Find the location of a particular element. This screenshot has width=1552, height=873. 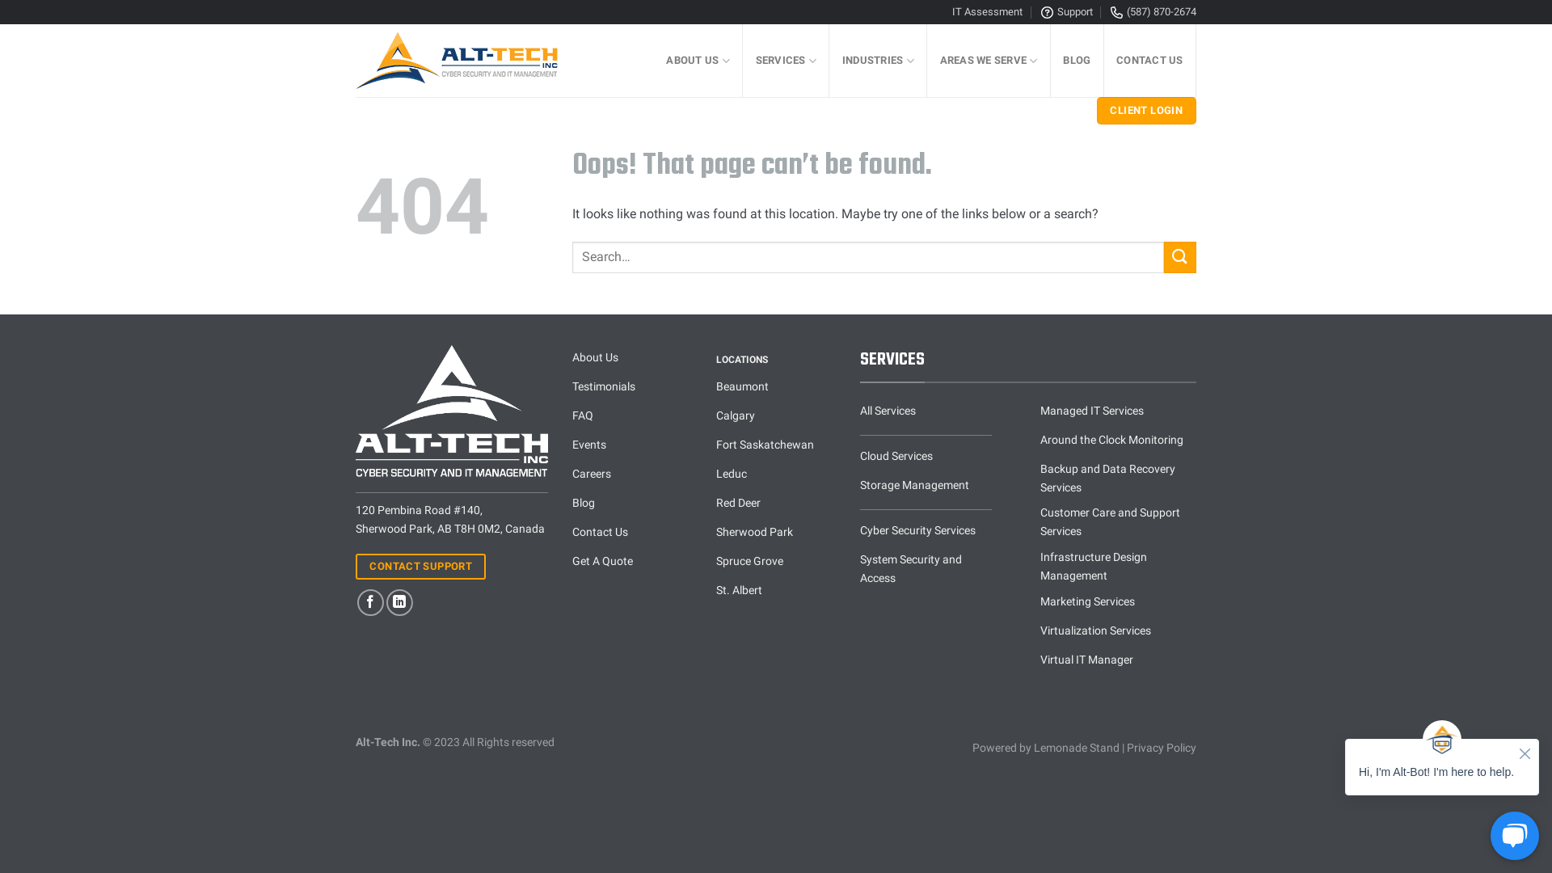

'Virtual IT Manager' is located at coordinates (1117, 661).